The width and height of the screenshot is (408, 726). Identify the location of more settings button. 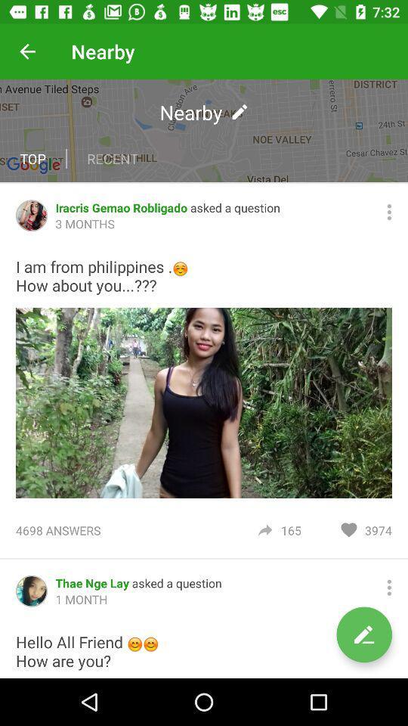
(389, 211).